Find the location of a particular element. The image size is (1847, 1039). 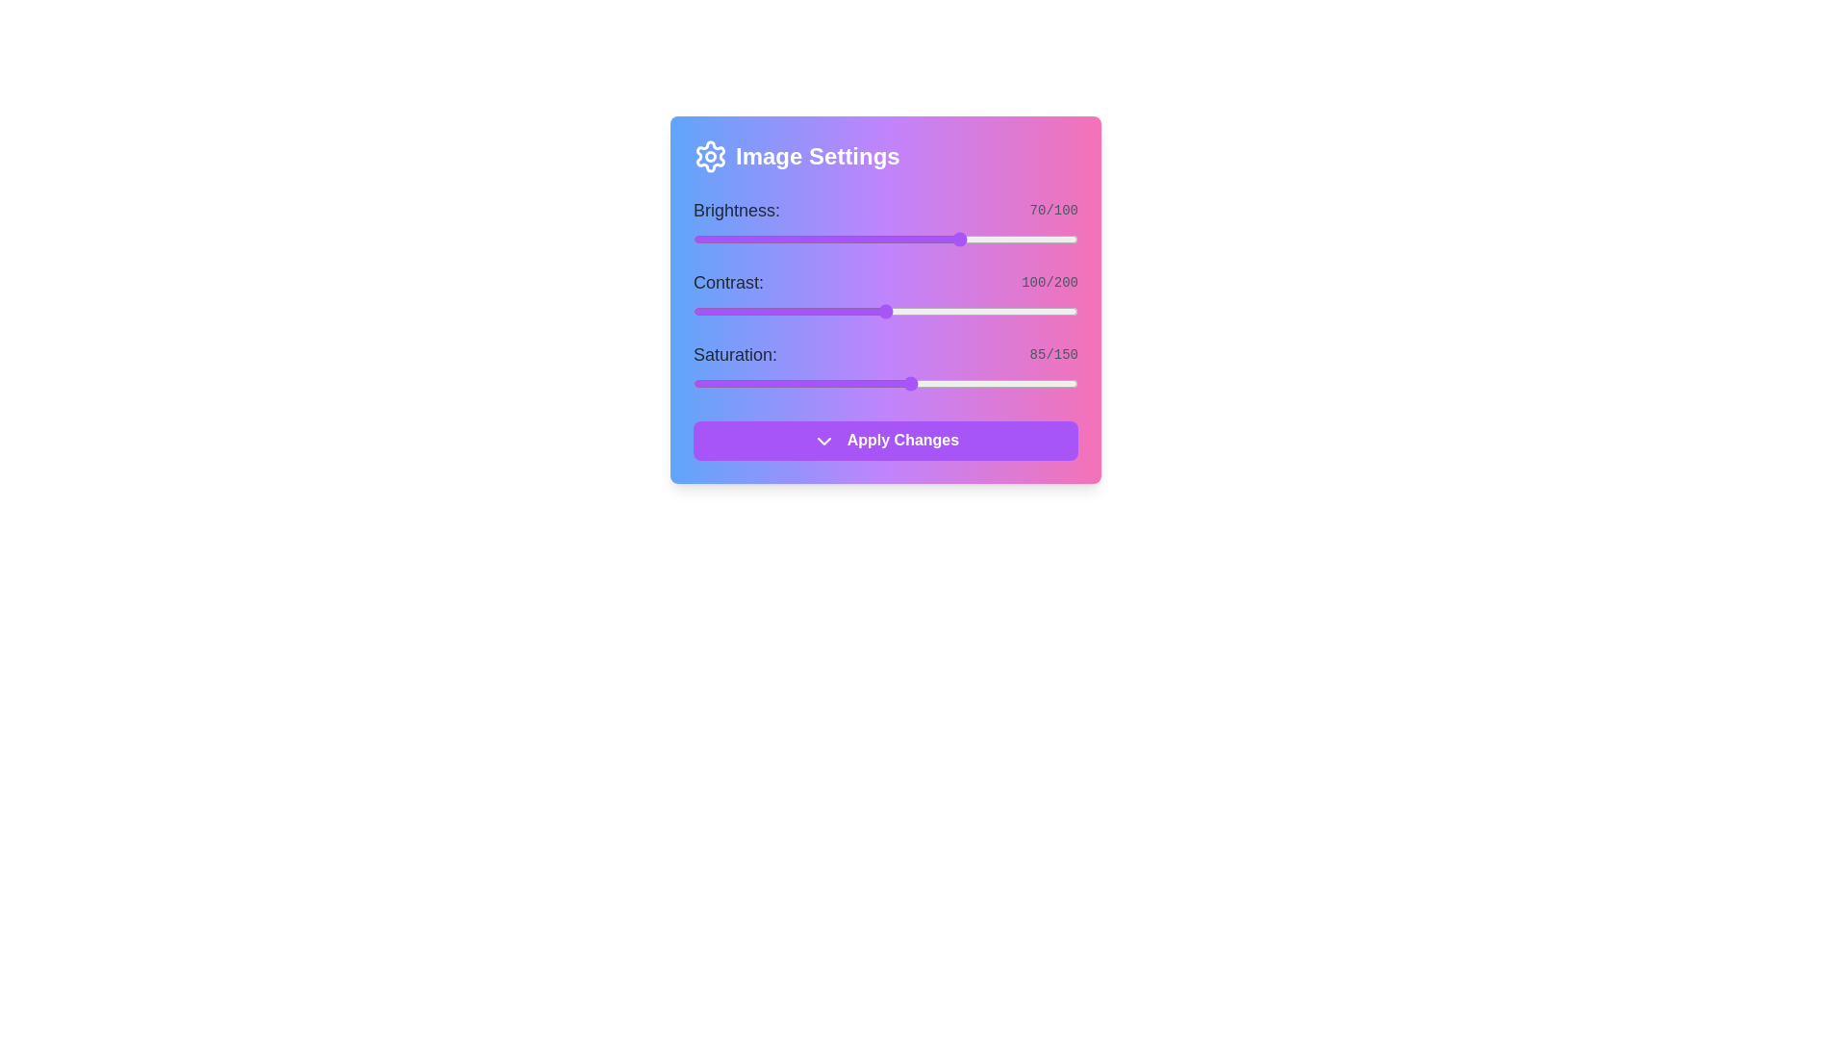

the saturation slider to 99 level is located at coordinates (947, 383).